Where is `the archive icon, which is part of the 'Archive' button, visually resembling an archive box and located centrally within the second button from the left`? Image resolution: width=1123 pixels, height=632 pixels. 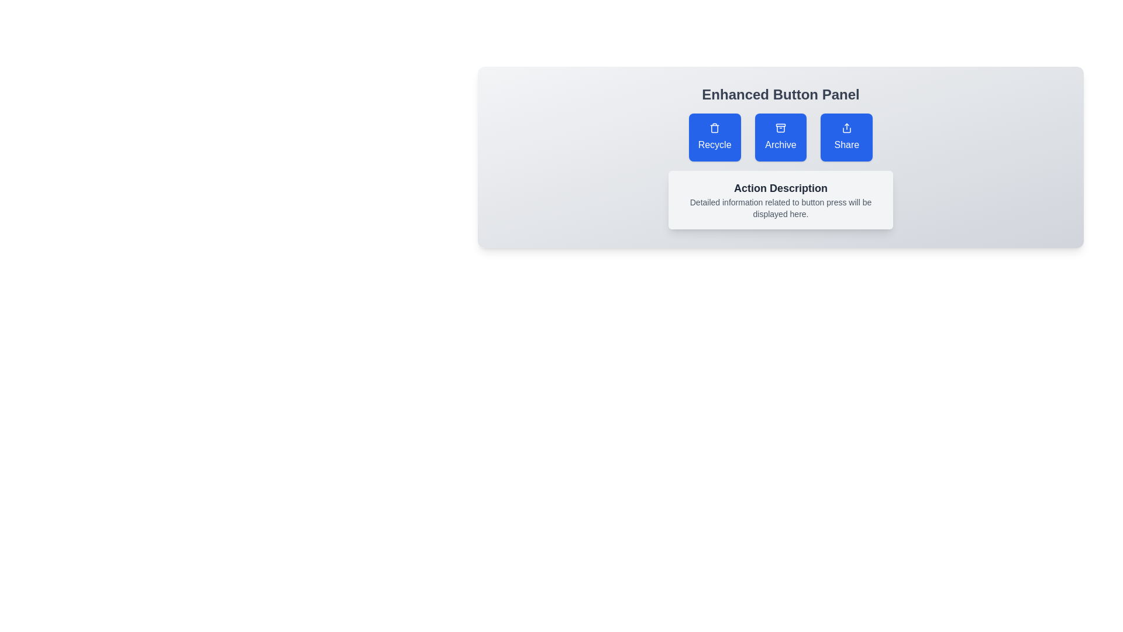 the archive icon, which is part of the 'Archive' button, visually resembling an archive box and located centrally within the second button from the left is located at coordinates (780, 128).